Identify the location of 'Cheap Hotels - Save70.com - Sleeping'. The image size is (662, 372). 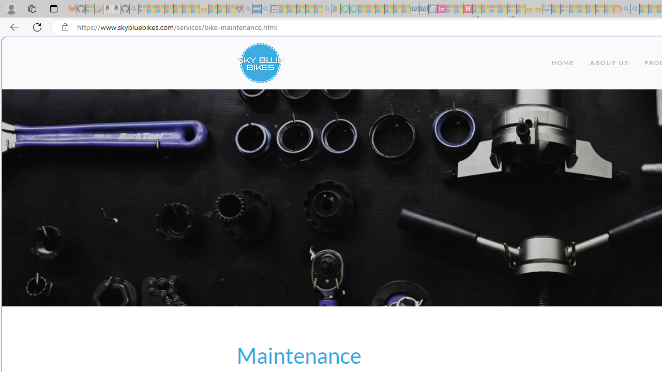
(424, 9).